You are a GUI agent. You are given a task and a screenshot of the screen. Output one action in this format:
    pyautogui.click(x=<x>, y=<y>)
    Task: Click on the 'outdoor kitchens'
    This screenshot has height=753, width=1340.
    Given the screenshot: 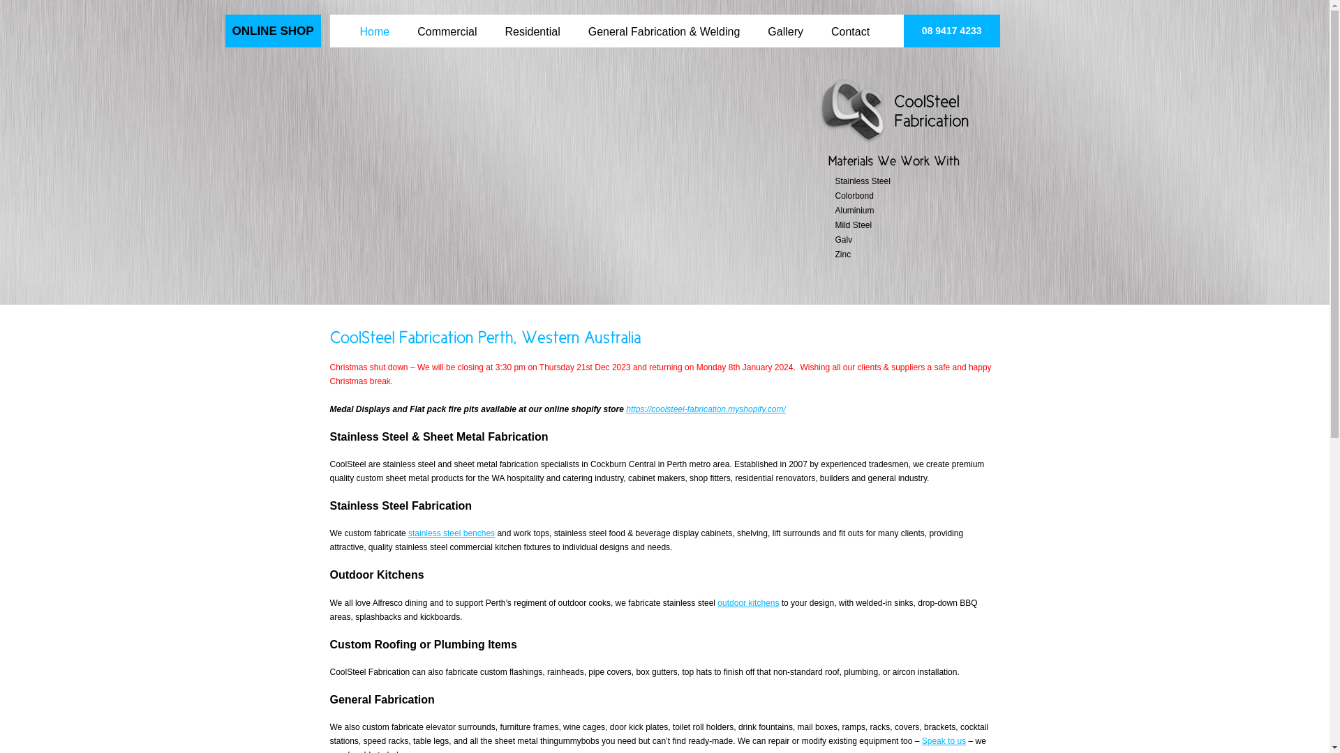 What is the action you would take?
    pyautogui.click(x=717, y=602)
    